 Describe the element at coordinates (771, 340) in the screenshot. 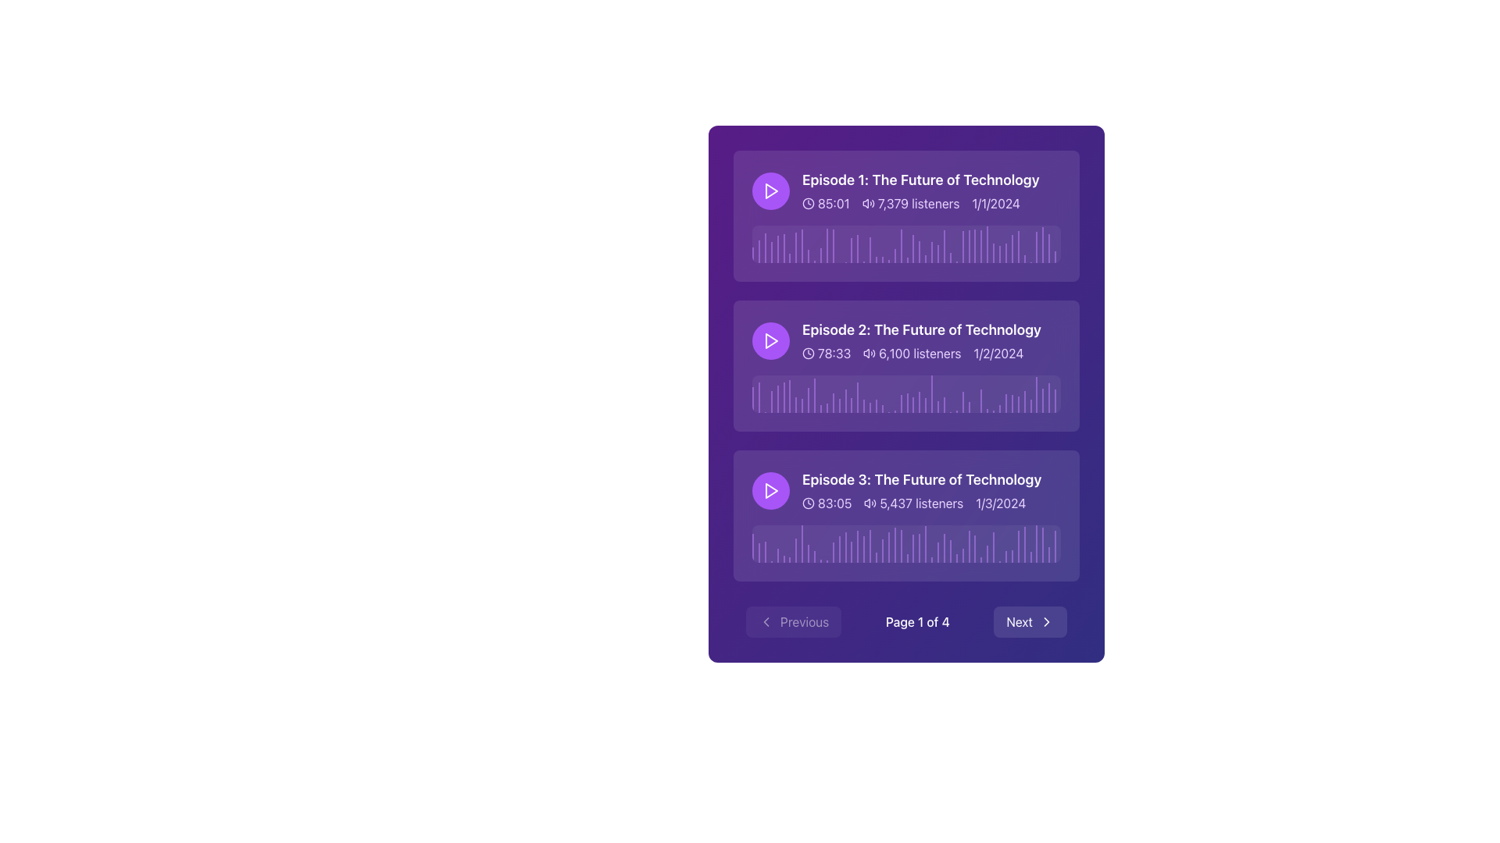

I see `the triangular play button with a purple background, located in the top-left corner of the second list item for accessibility purposes` at that location.